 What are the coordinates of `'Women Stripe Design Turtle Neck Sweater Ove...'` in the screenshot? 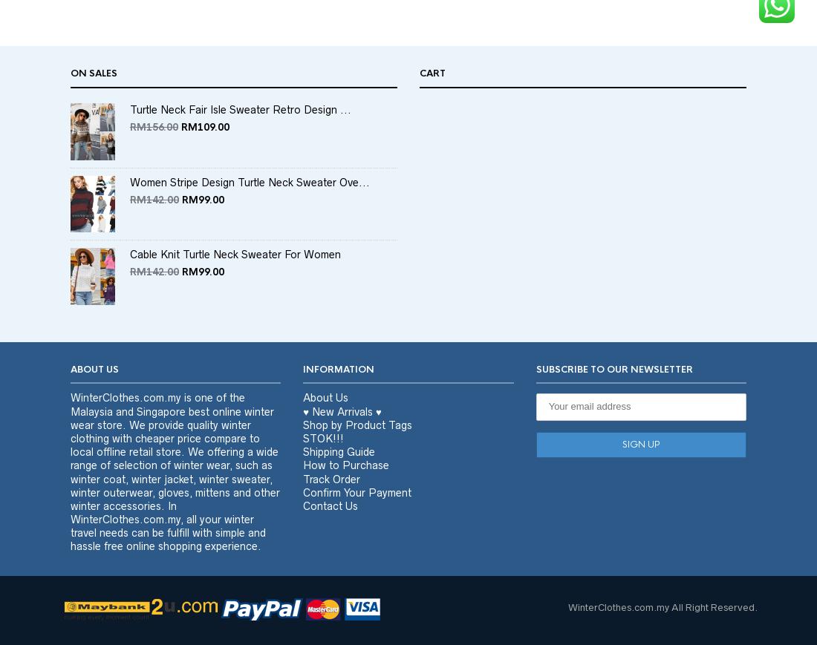 It's located at (249, 209).